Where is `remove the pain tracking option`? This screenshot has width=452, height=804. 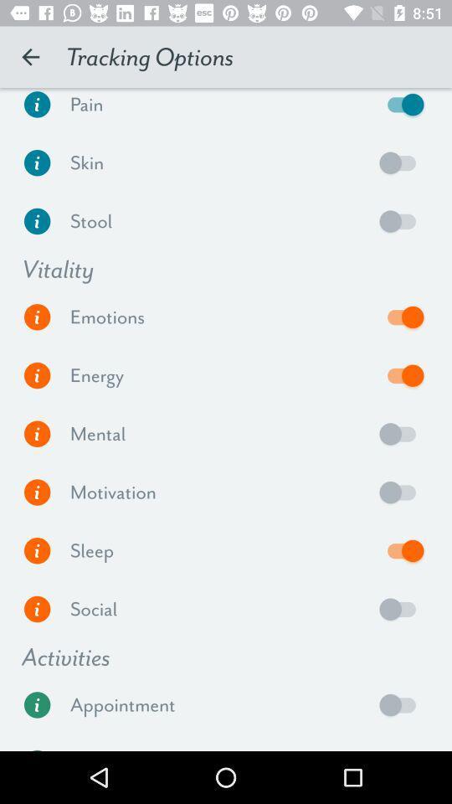
remove the pain tracking option is located at coordinates (401, 107).